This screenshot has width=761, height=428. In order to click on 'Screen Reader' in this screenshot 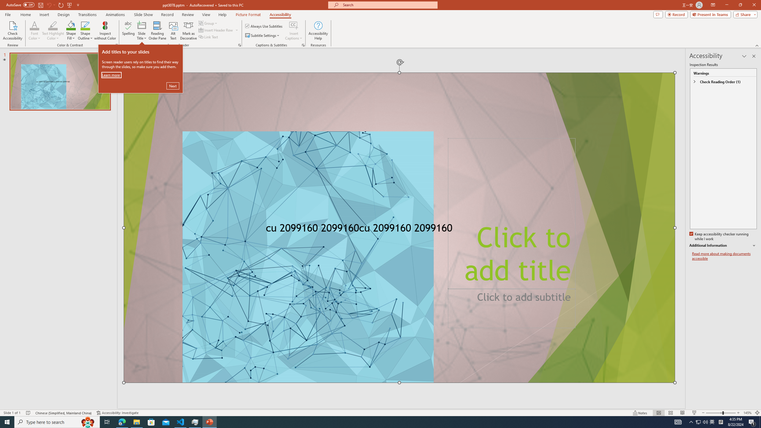, I will do `click(240, 45)`.